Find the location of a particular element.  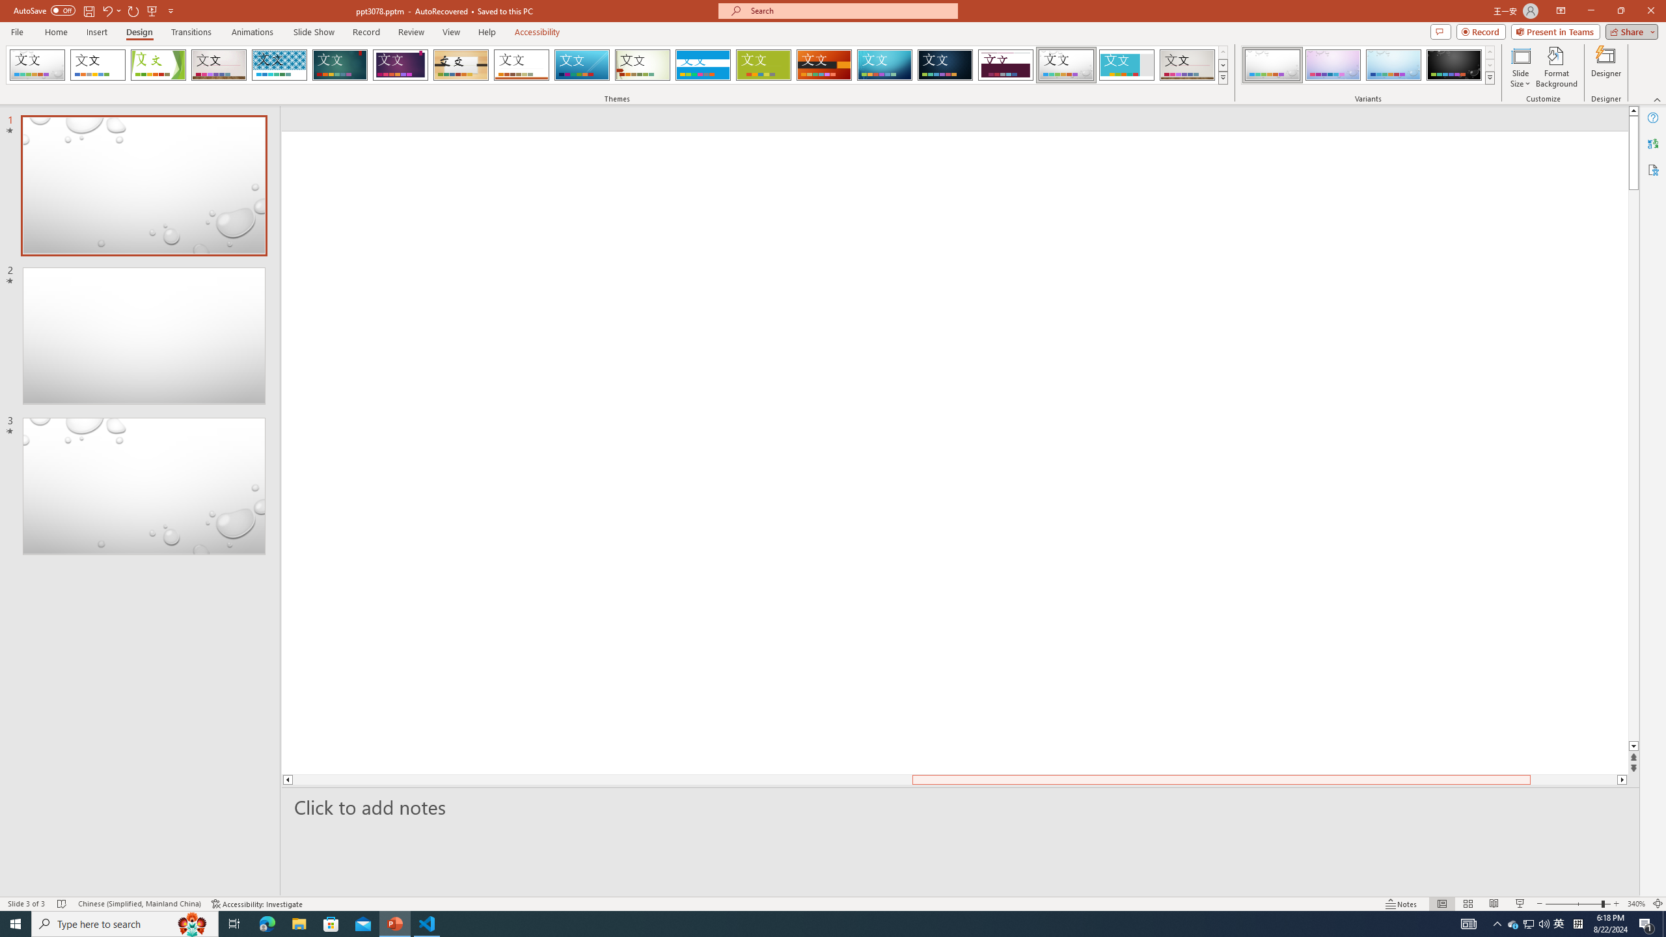

'Circuit' is located at coordinates (884, 64).